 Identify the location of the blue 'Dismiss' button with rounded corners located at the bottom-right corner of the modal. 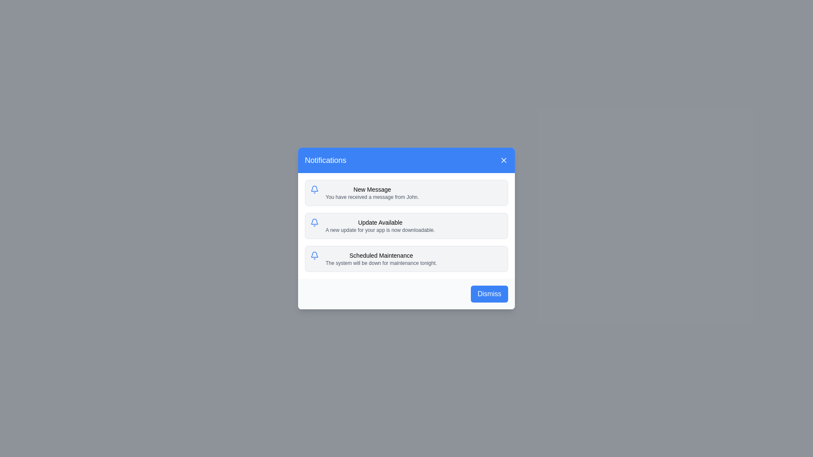
(489, 293).